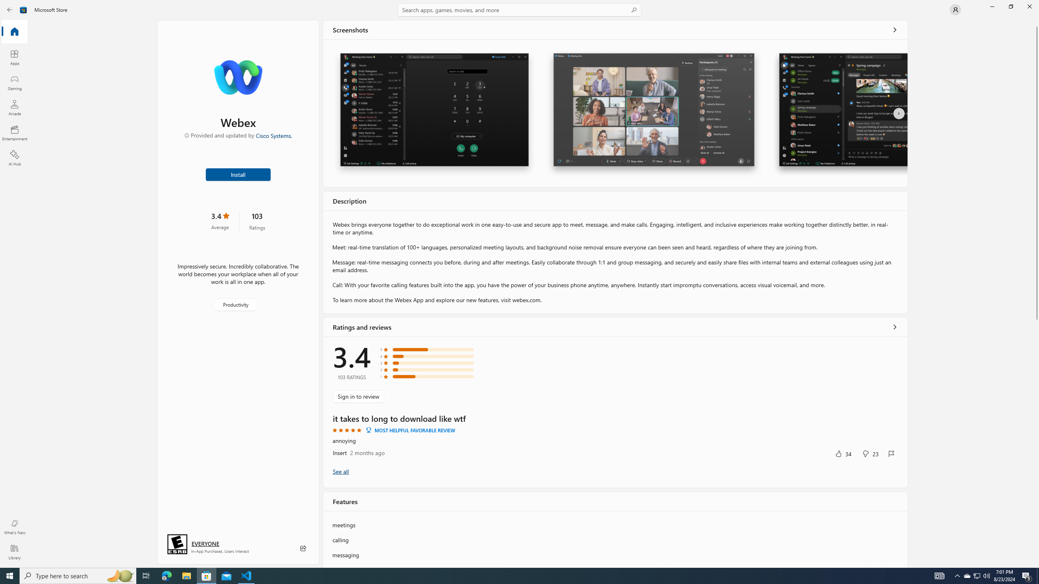 The width and height of the screenshot is (1039, 584). What do you see at coordinates (1036, 565) in the screenshot?
I see `'Vertical Small Increase'` at bounding box center [1036, 565].